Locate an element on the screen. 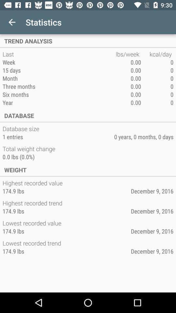 The width and height of the screenshot is (176, 313). the item below database item is located at coordinates (22, 128).